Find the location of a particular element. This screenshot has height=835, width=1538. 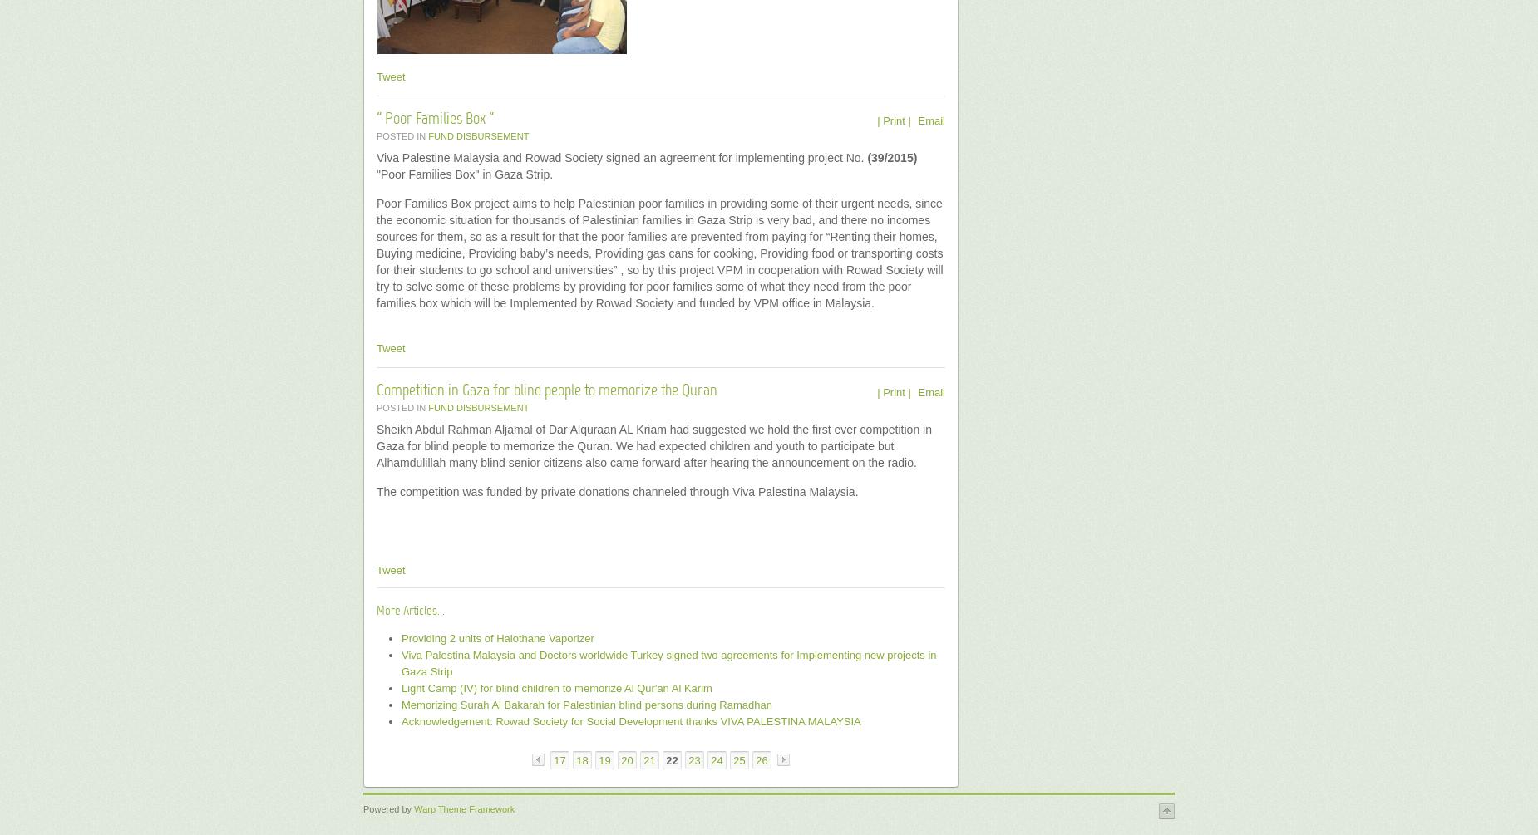

'"Poor Families Box" in Gaza Strip.' is located at coordinates (465, 174).